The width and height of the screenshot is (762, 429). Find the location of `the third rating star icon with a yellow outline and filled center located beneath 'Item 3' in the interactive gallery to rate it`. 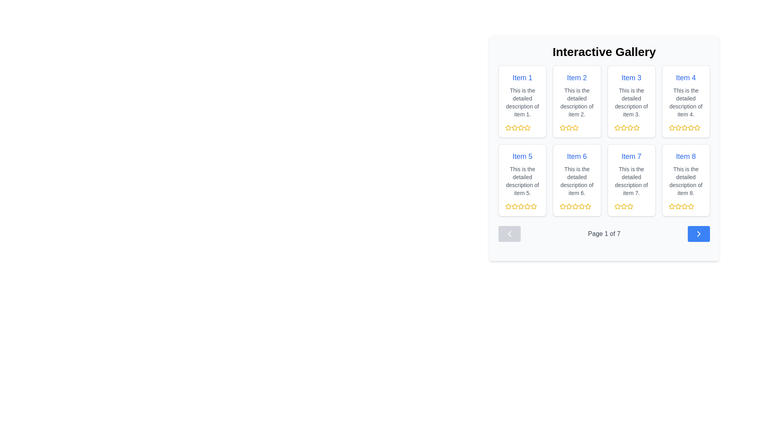

the third rating star icon with a yellow outline and filled center located beneath 'Item 3' in the interactive gallery to rate it is located at coordinates (623, 127).